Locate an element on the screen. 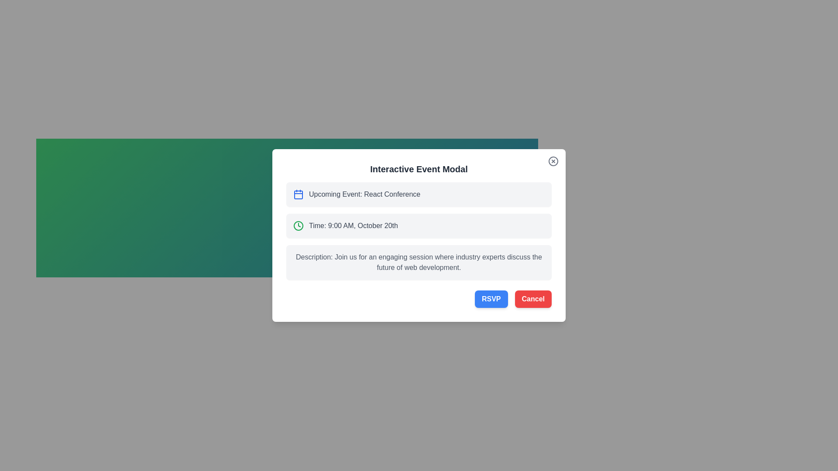  the descriptive text within the 'Interactive Event Modal' dialog box, which is centrally located below the clock icon and above the 'RSVP' and 'Cancel' buttons is located at coordinates (419, 262).